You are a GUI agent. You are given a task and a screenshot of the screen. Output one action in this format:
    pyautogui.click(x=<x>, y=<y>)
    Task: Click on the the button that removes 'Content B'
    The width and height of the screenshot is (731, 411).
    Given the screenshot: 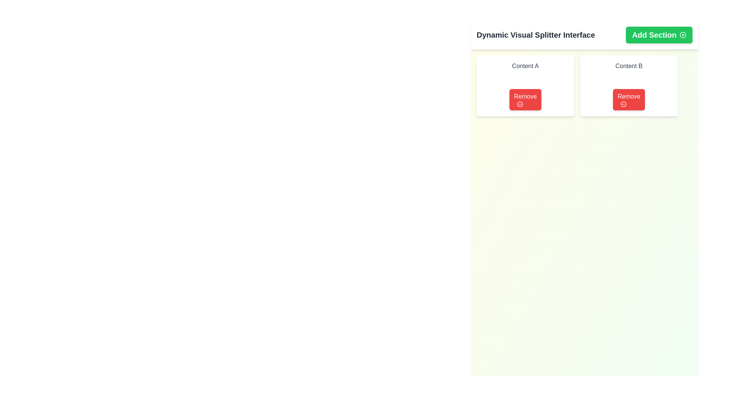 What is the action you would take?
    pyautogui.click(x=629, y=99)
    